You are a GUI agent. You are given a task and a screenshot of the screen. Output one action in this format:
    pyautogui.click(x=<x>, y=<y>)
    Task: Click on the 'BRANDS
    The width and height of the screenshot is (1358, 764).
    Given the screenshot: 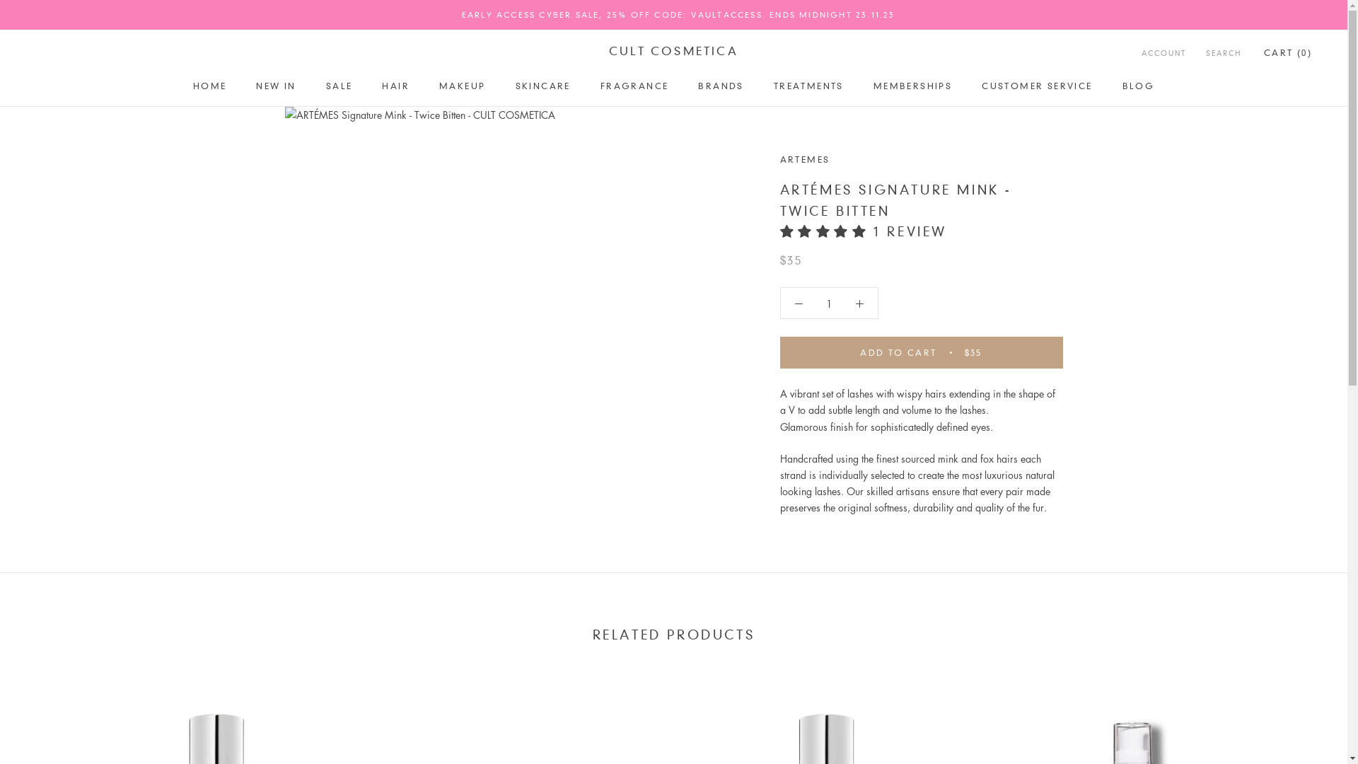 What is the action you would take?
    pyautogui.click(x=720, y=86)
    